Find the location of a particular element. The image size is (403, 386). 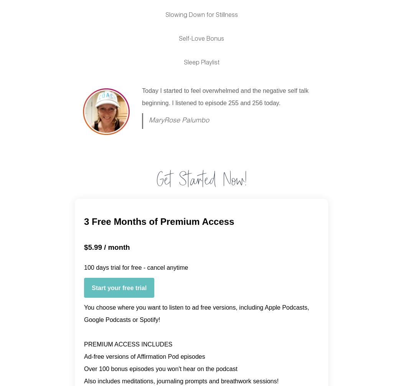

'Slowing Down for Stillness' is located at coordinates (201, 15).